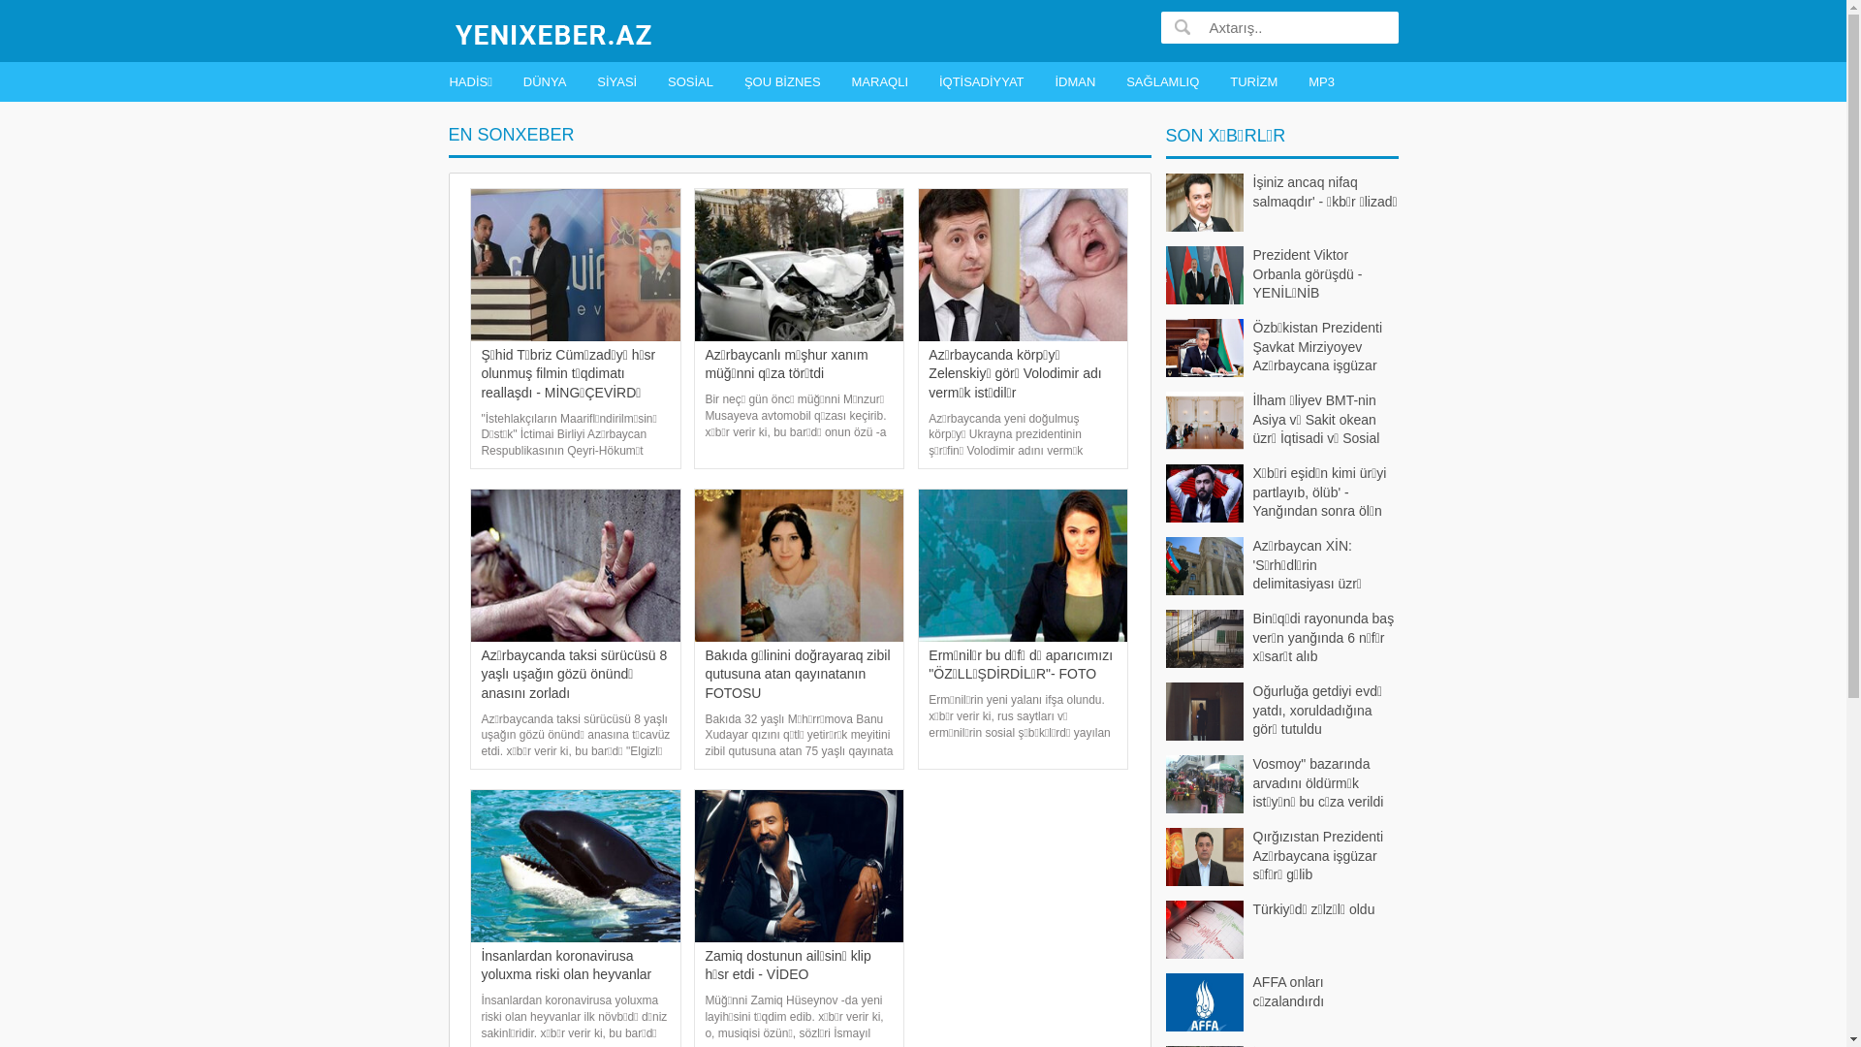  I want to click on 'MARAQLI', so click(879, 80).